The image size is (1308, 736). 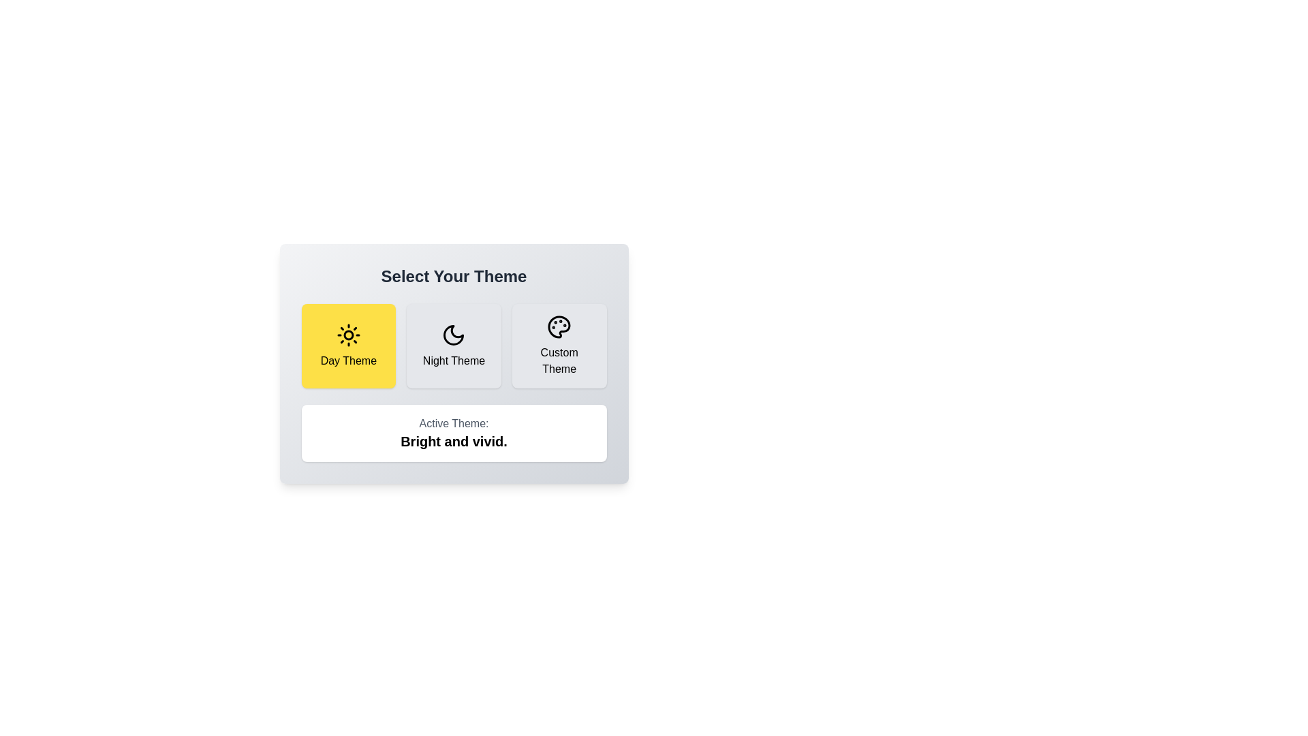 What do you see at coordinates (348, 346) in the screenshot?
I see `the theme by clicking on the button corresponding to Day Theme` at bounding box center [348, 346].